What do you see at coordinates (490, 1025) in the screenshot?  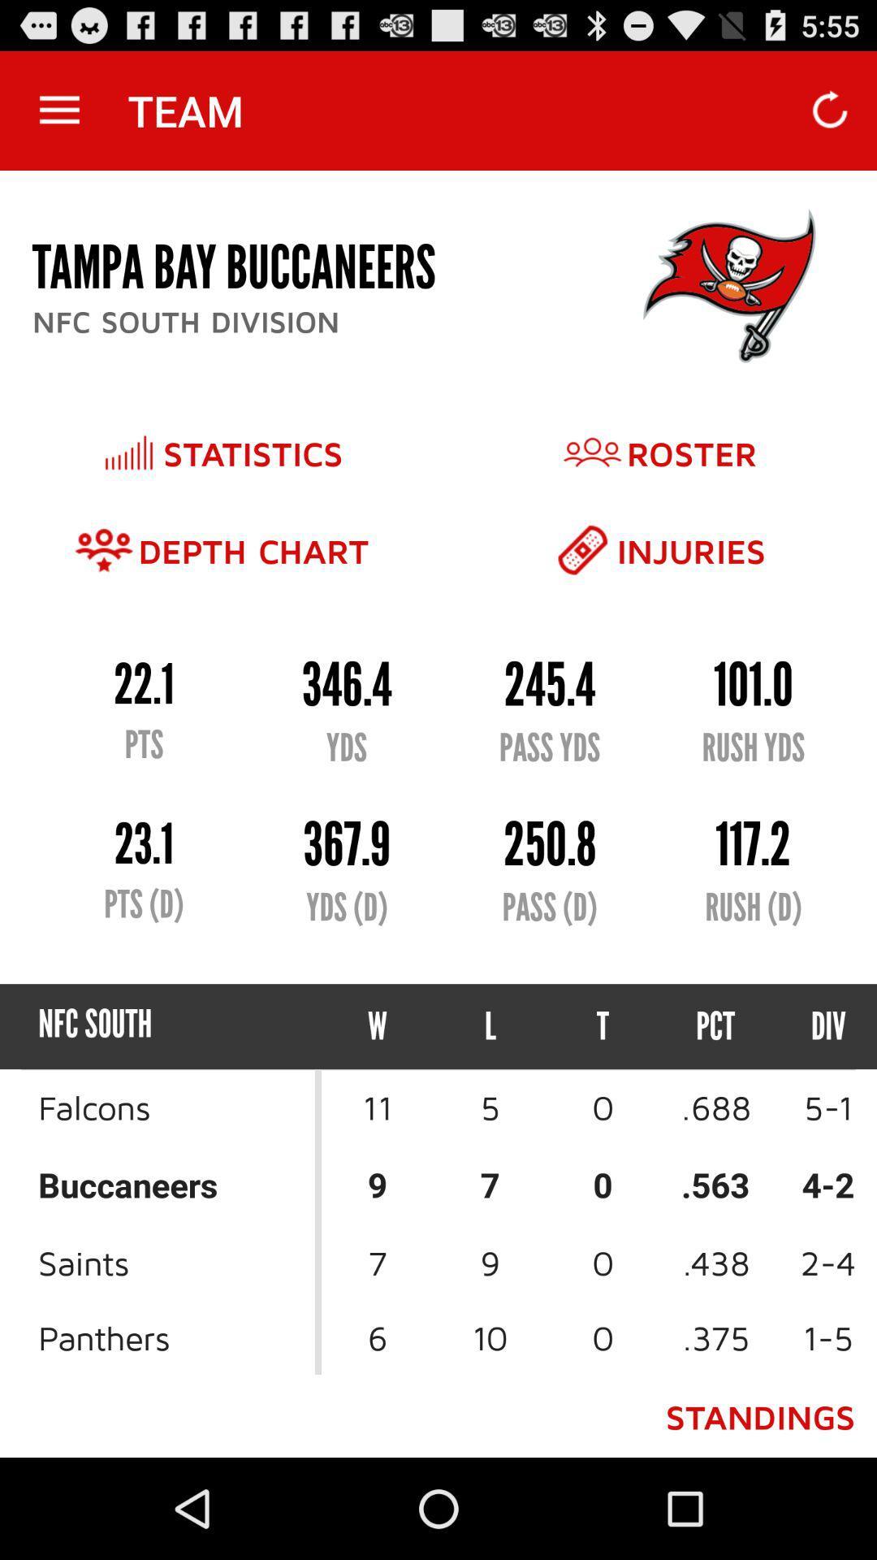 I see `icon next to w icon` at bounding box center [490, 1025].